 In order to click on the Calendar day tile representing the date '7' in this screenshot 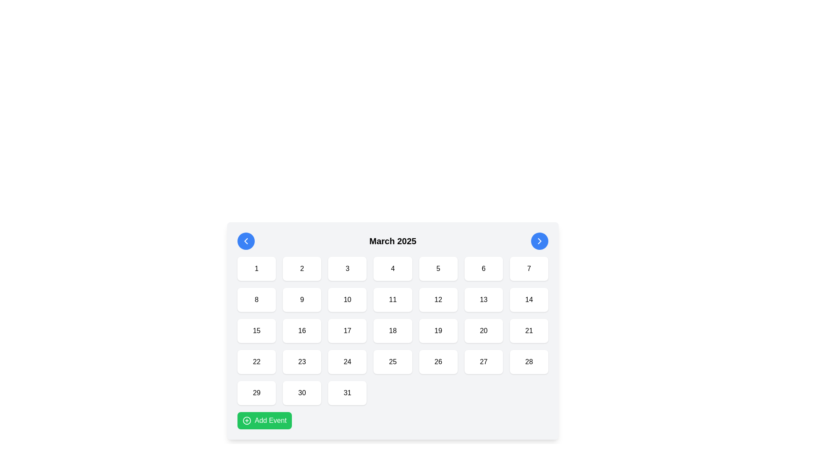, I will do `click(528, 268)`.